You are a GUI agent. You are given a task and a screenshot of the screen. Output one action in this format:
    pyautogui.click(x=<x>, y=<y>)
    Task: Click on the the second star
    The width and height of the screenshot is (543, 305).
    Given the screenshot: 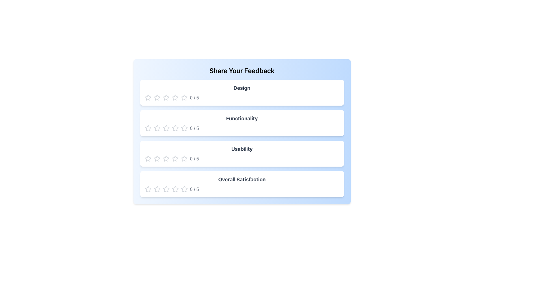 What is the action you would take?
    pyautogui.click(x=157, y=159)
    